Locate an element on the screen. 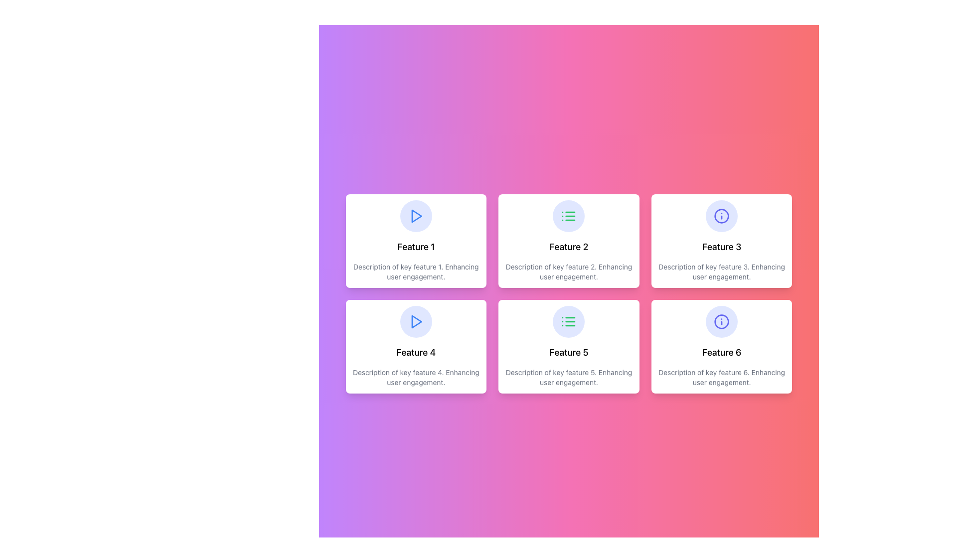  the text label element displaying 'Feature 6', which is centrally aligned below an icon within the sixth card of a grid layout is located at coordinates (722, 352).